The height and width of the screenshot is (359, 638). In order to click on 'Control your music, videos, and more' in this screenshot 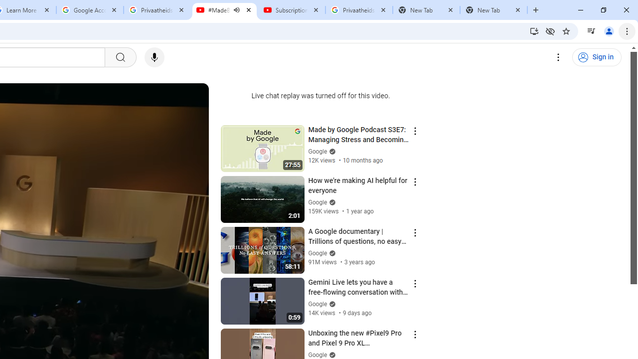, I will do `click(591, 30)`.